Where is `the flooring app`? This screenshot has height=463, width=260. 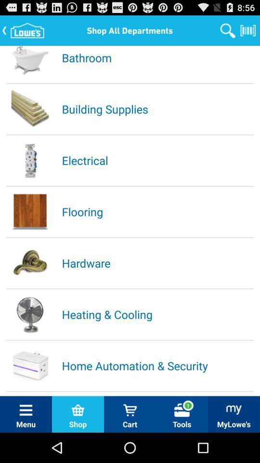
the flooring app is located at coordinates (157, 211).